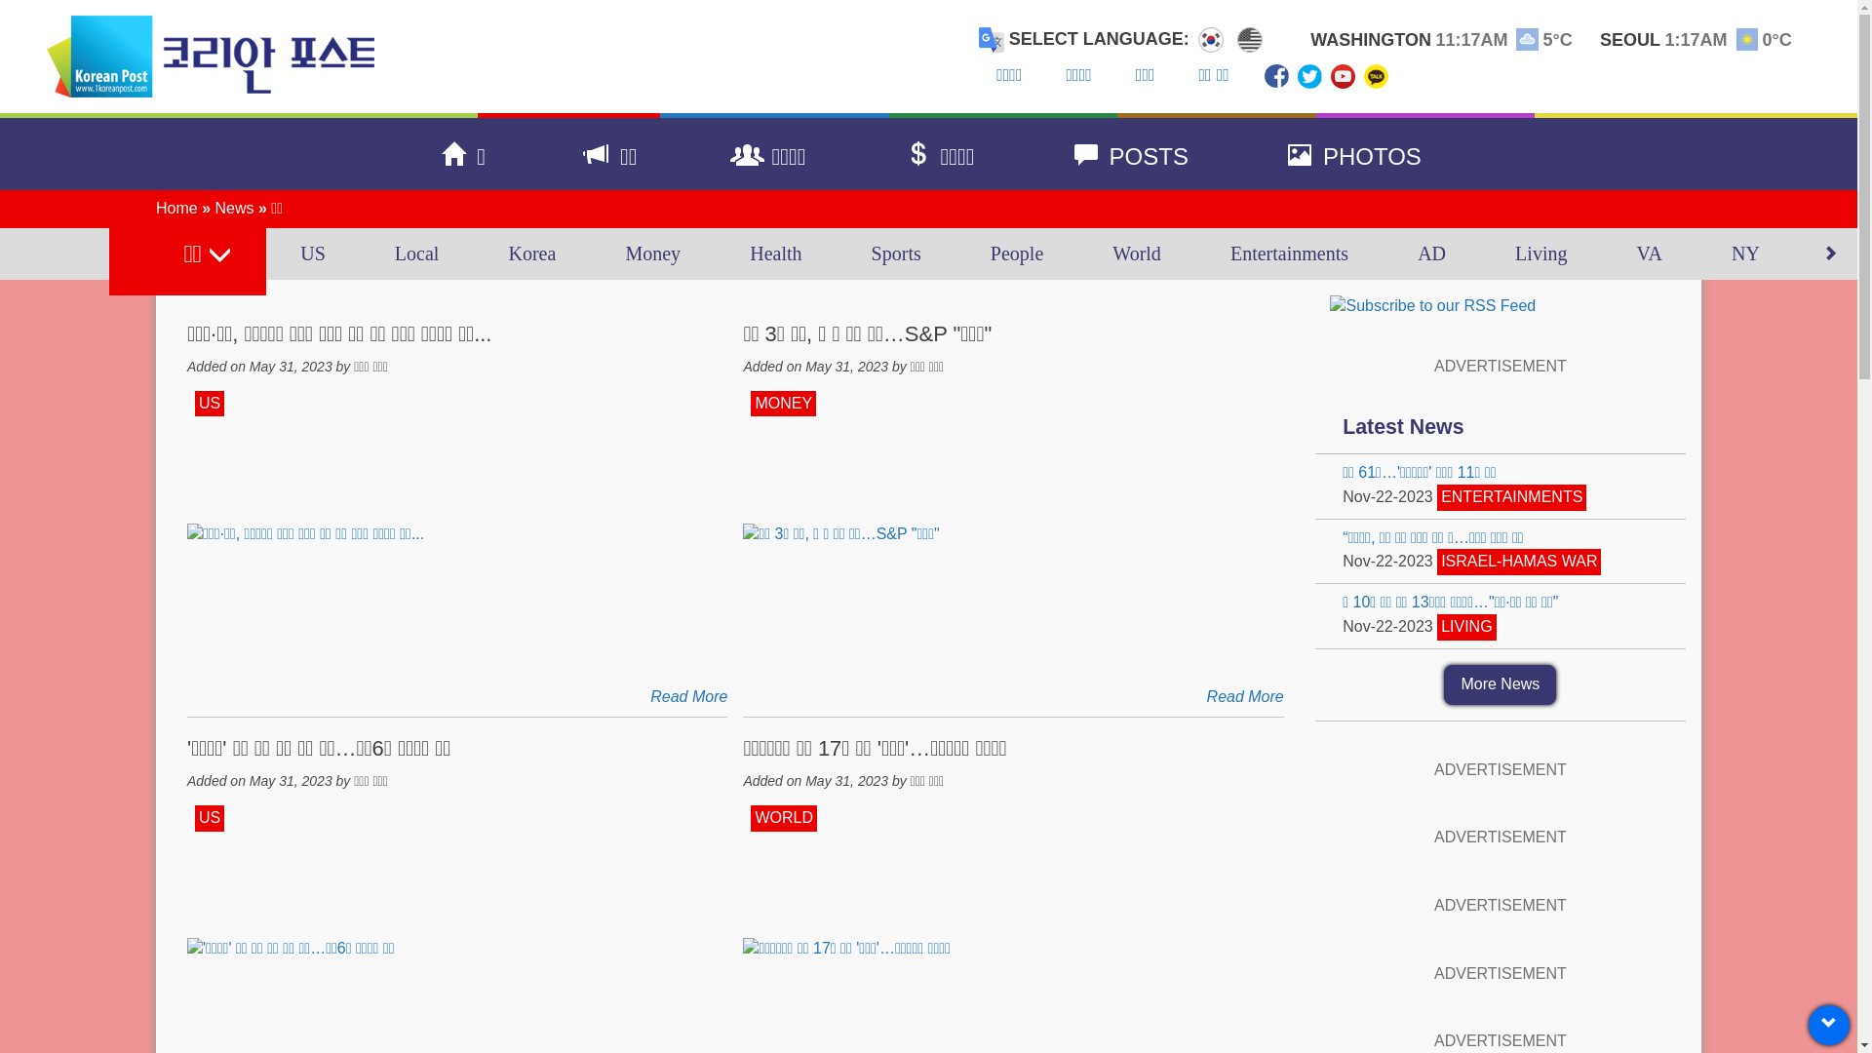 The width and height of the screenshot is (1872, 1053). What do you see at coordinates (1745, 253) in the screenshot?
I see `'NY'` at bounding box center [1745, 253].